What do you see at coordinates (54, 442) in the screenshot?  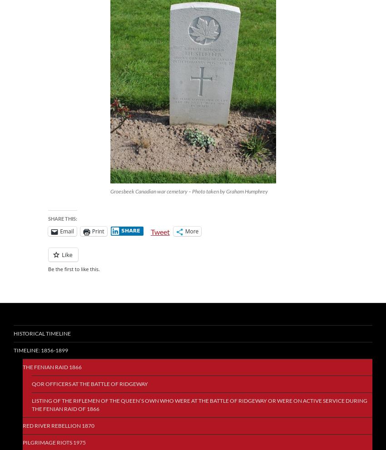 I see `'Pilgrimage Riots 1975'` at bounding box center [54, 442].